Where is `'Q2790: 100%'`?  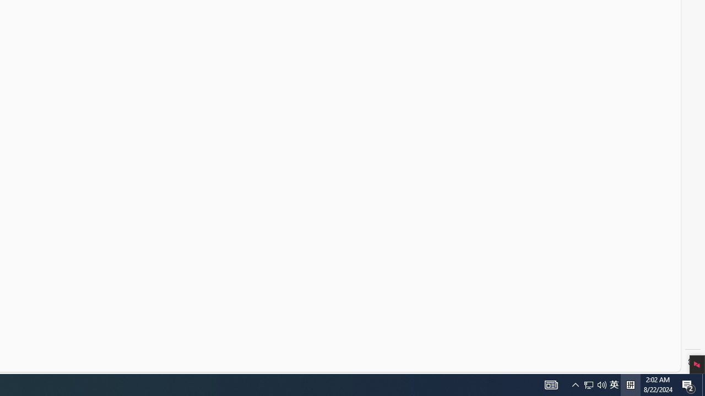
'Q2790: 100%' is located at coordinates (588, 384).